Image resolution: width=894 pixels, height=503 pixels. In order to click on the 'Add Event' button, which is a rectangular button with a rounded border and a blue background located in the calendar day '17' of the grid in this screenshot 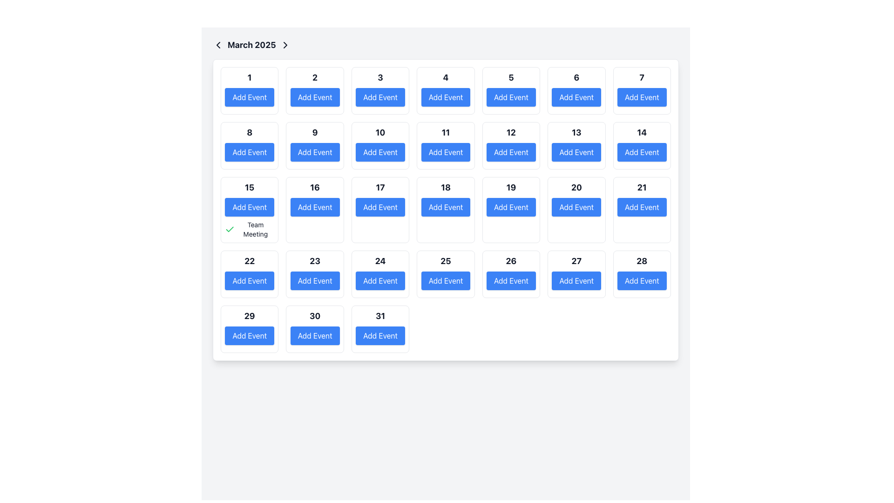, I will do `click(380, 206)`.